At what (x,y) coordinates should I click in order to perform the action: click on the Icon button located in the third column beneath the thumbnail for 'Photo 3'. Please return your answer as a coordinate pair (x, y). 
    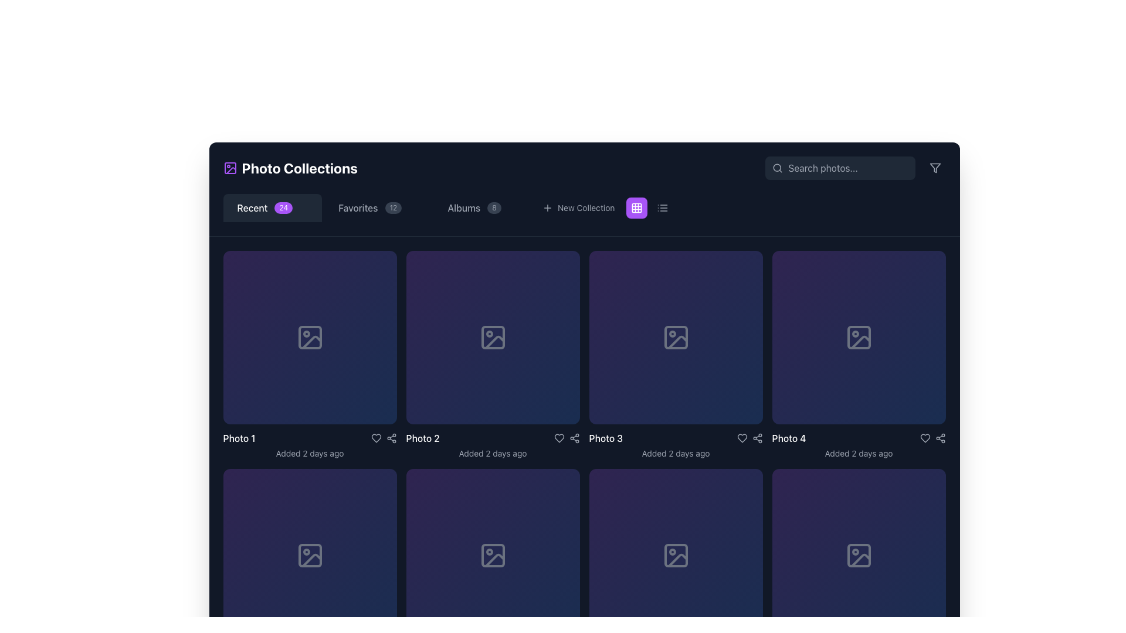
    Looking at the image, I should click on (574, 438).